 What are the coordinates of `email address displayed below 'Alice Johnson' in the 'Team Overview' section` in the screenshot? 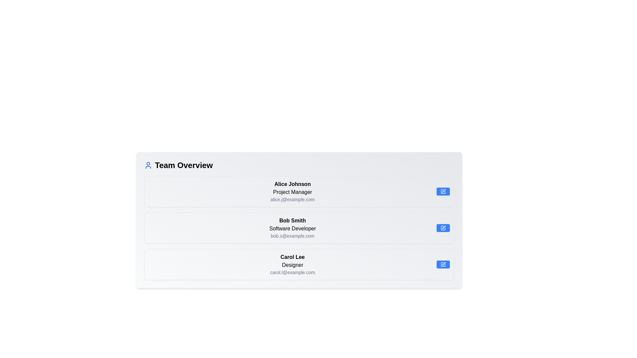 It's located at (292, 199).